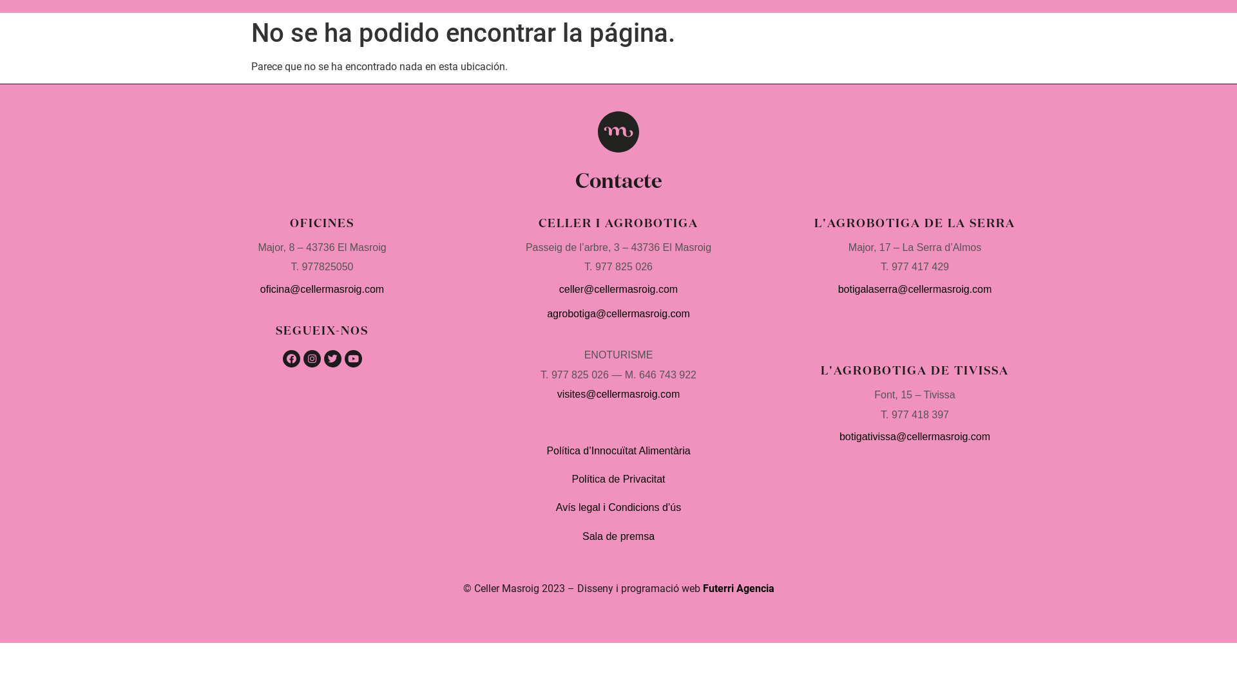 The width and height of the screenshot is (1237, 695). I want to click on 'agrobotiga@cellermasroig.com', so click(618, 313).